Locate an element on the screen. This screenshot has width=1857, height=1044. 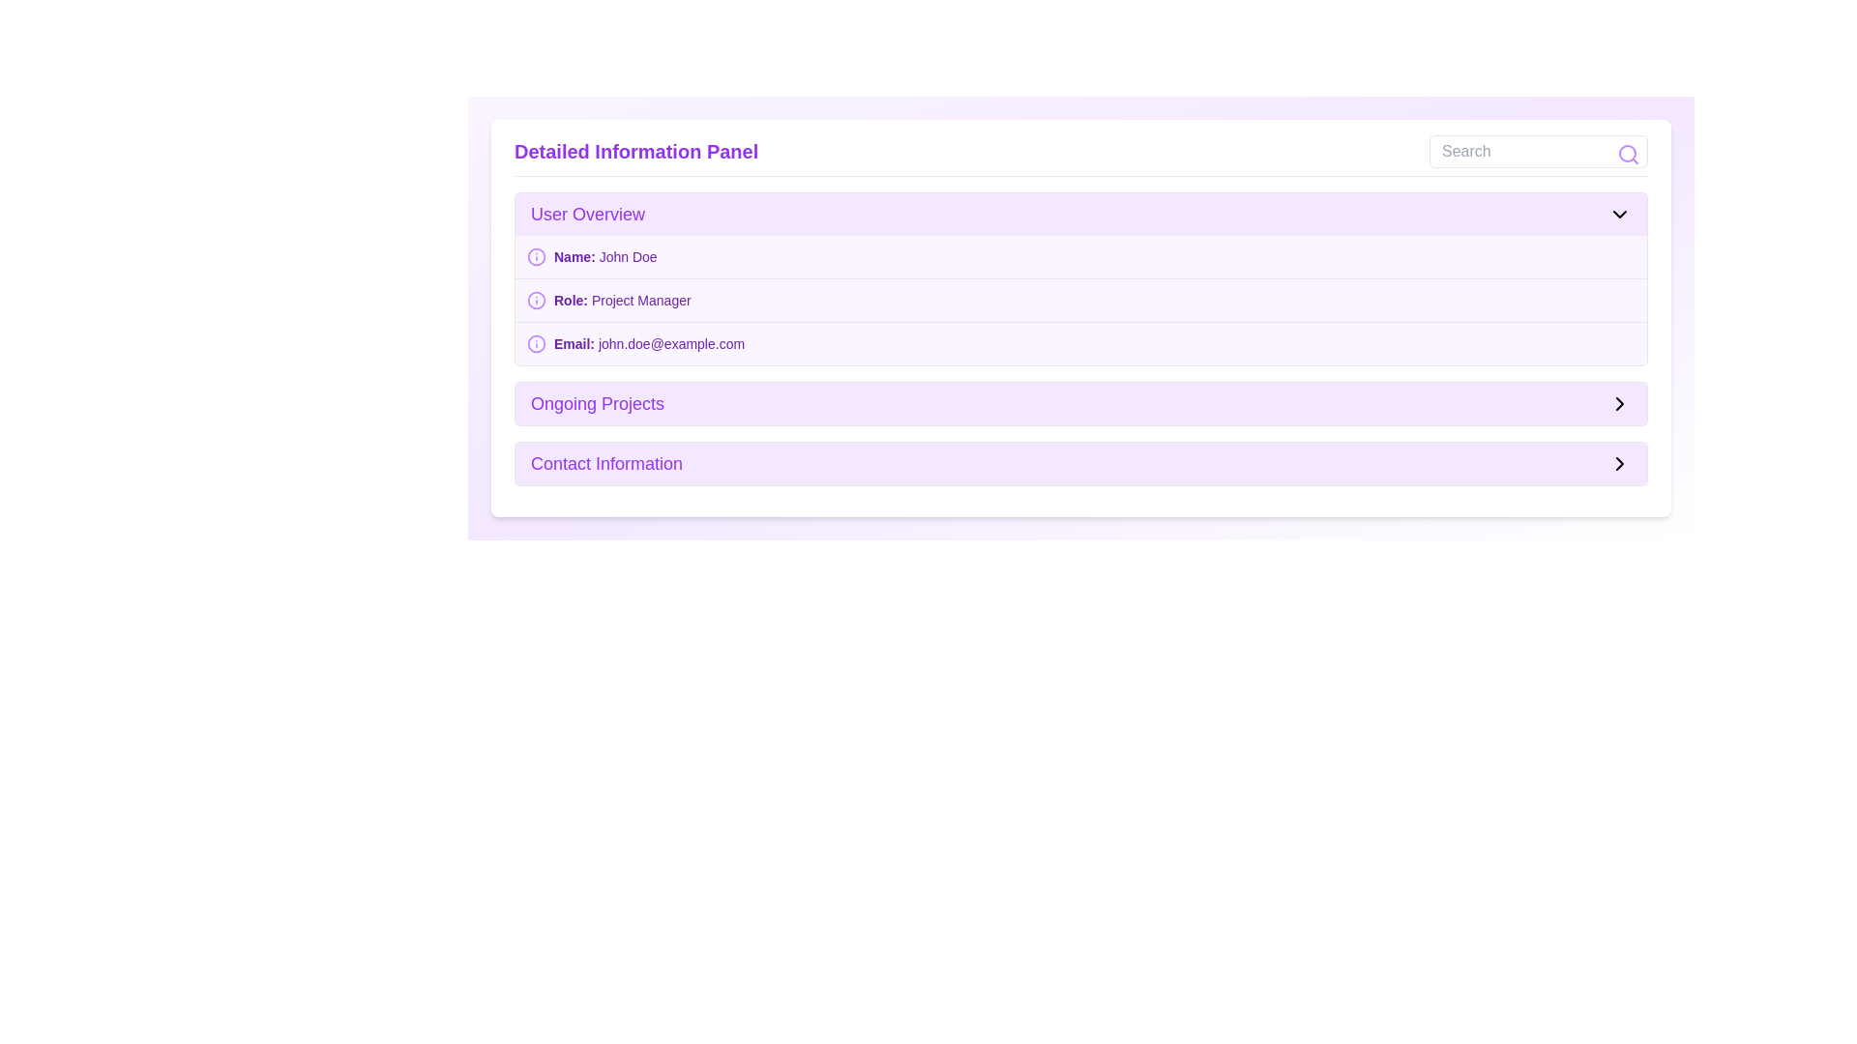
the navigation item located in the middle of the interface, situated between the 'User Overview' and 'Contact Information' sections is located at coordinates (1080, 402).